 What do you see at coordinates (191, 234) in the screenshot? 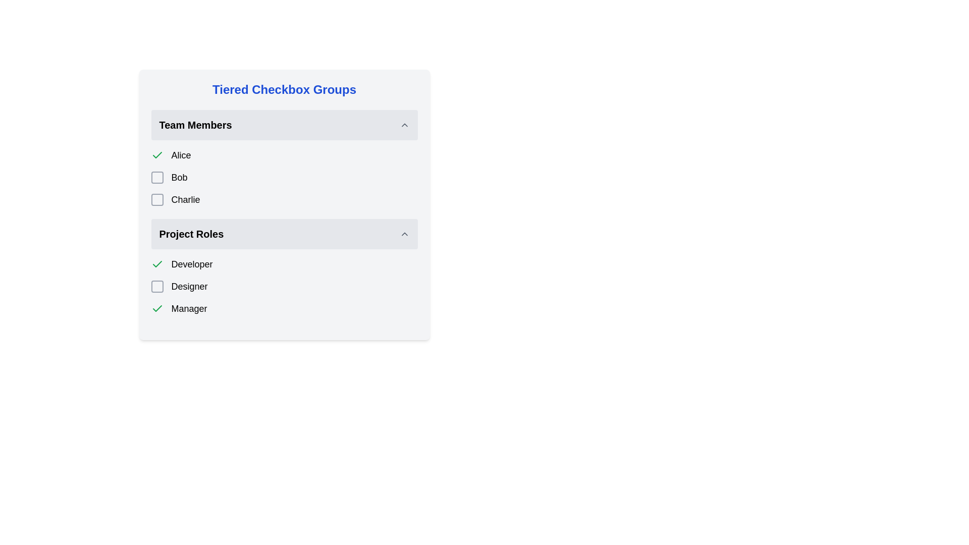
I see `the static text label that reads 'Project Roles', which is prominently displayed in a bold, large font against a light gray background, positioned centrally within its section` at bounding box center [191, 234].